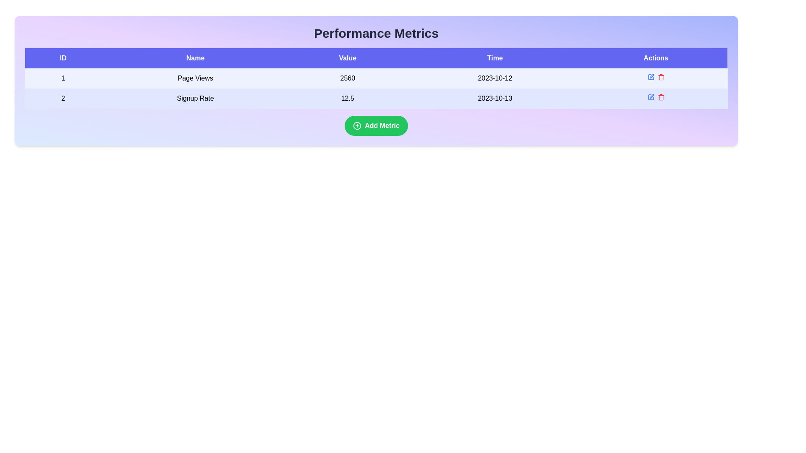 The image size is (806, 453). What do you see at coordinates (348, 78) in the screenshot?
I see `the static text displaying the numerical value '2560', located in the third column of the first row within a table` at bounding box center [348, 78].